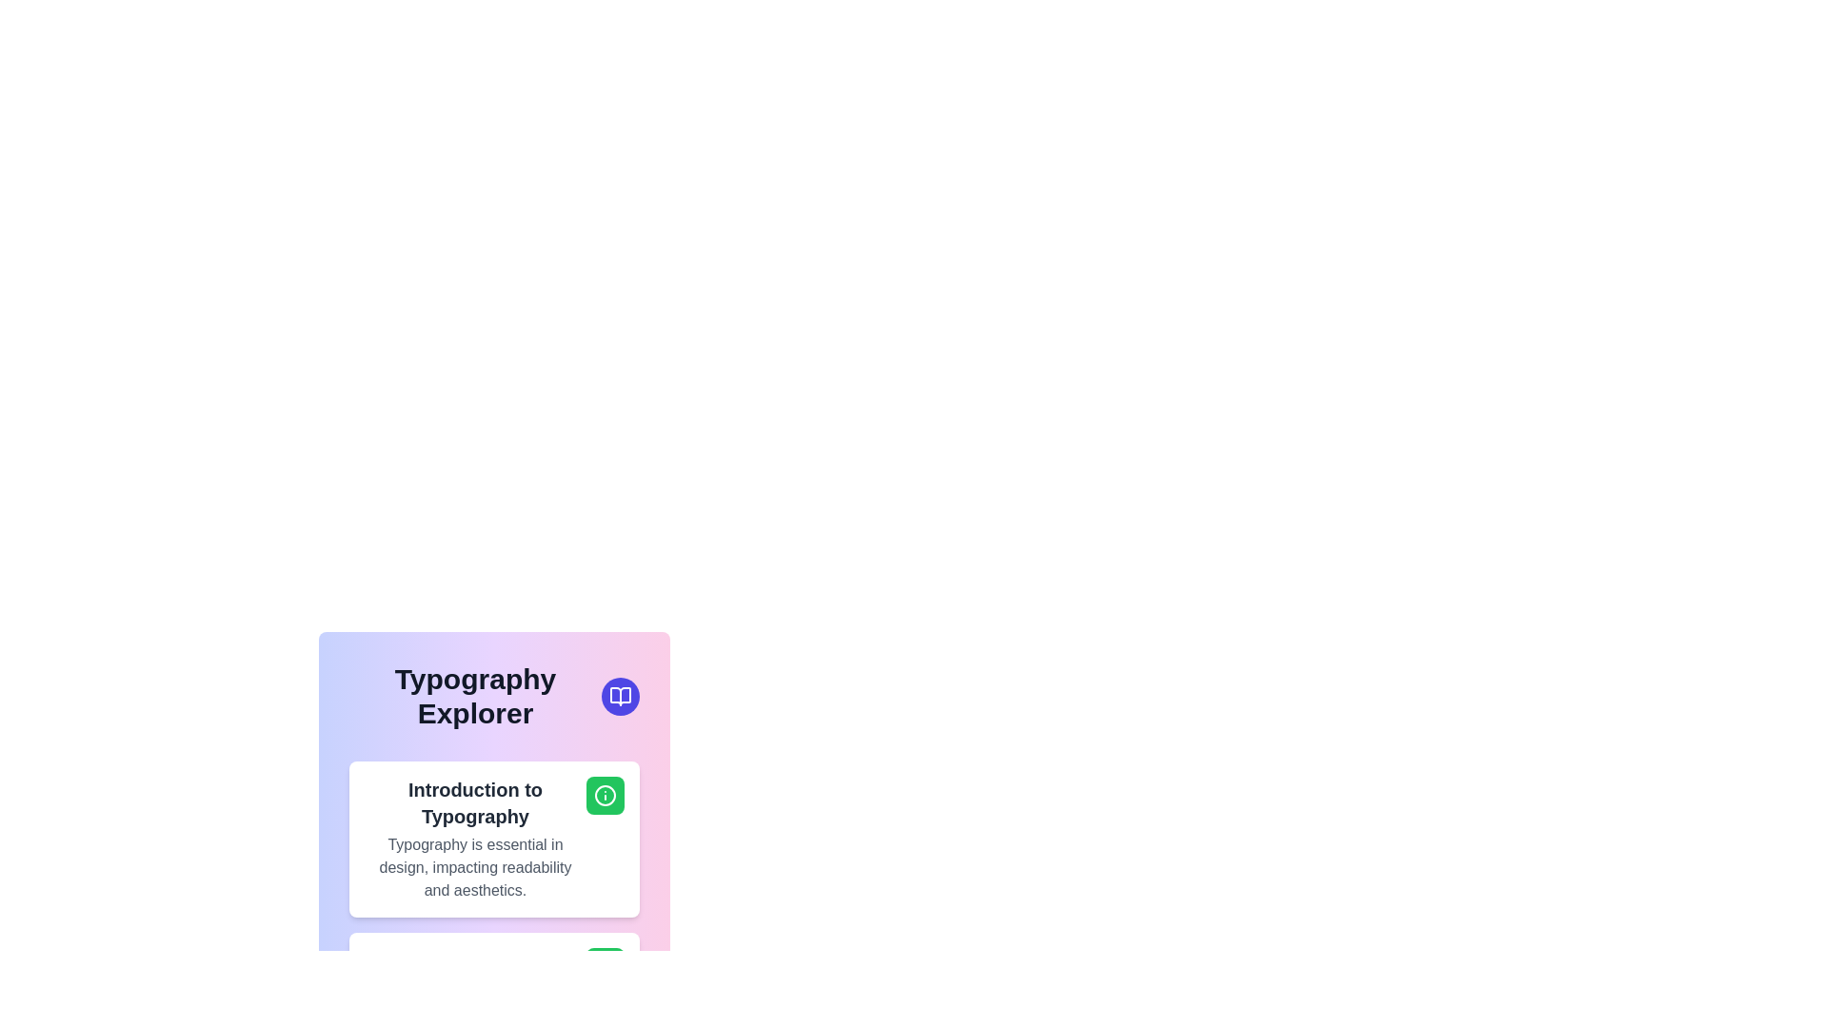  What do you see at coordinates (621, 697) in the screenshot?
I see `the button located at the top-right corner of the 'Typography Explorer' section` at bounding box center [621, 697].